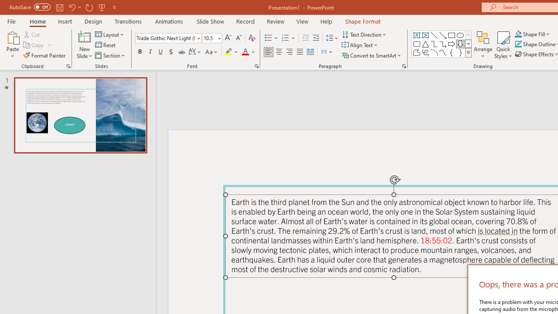 This screenshot has width=558, height=314. I want to click on 'Customize Quick Access Toolbar', so click(114, 7).